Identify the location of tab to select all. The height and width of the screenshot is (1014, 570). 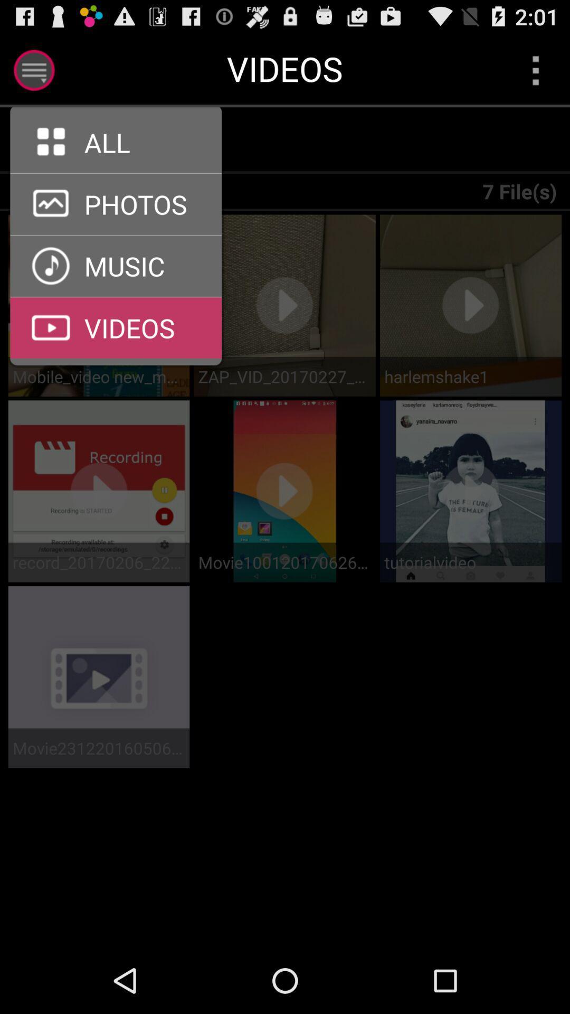
(122, 140).